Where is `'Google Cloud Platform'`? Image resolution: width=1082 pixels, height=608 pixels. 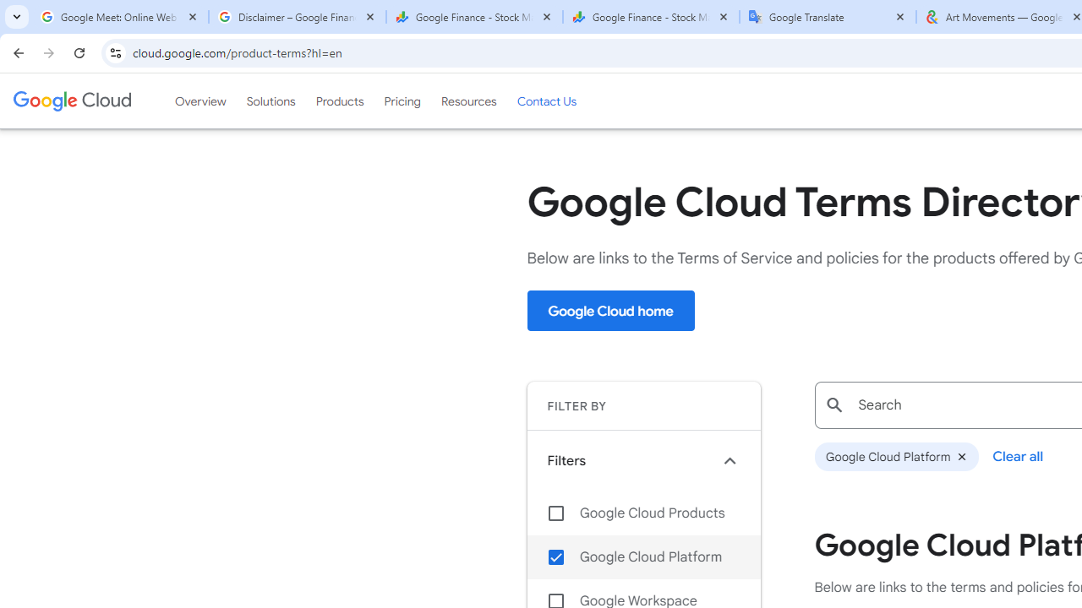 'Google Cloud Platform' is located at coordinates (642, 557).